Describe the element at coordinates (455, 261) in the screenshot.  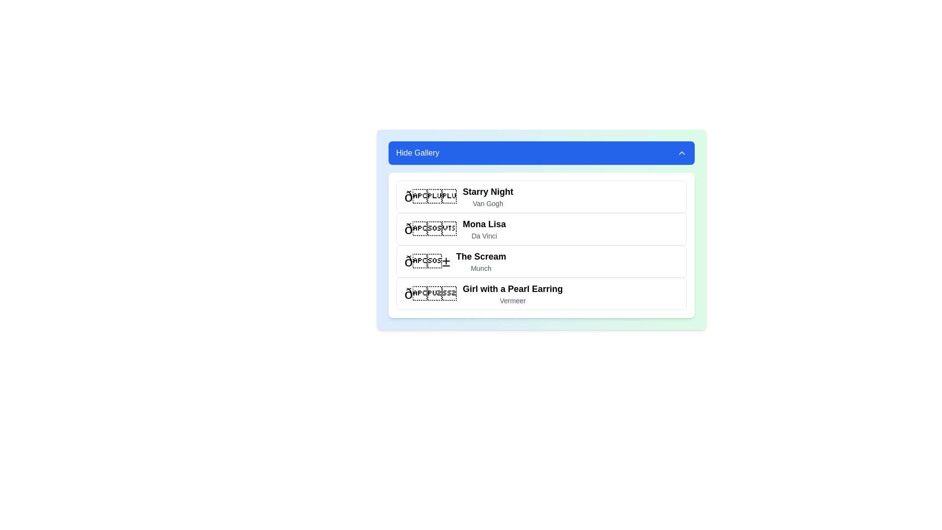
I see `the third list item featuring the bold emoji '😱' and the title 'The Scream'` at that location.